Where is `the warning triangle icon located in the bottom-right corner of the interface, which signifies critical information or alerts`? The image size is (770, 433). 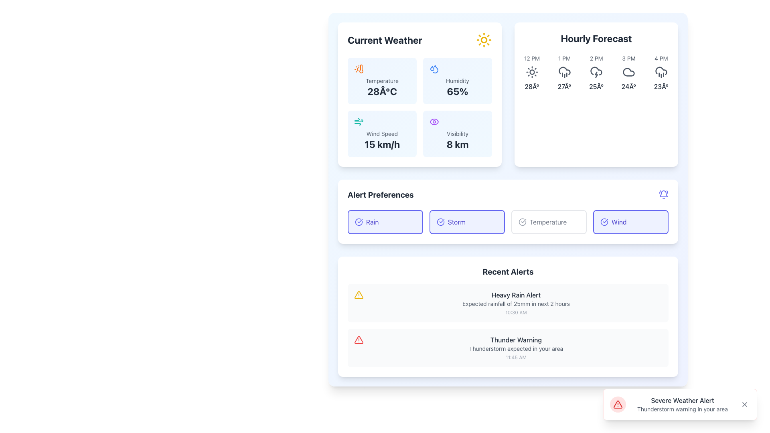 the warning triangle icon located in the bottom-right corner of the interface, which signifies critical information or alerts is located at coordinates (617, 405).